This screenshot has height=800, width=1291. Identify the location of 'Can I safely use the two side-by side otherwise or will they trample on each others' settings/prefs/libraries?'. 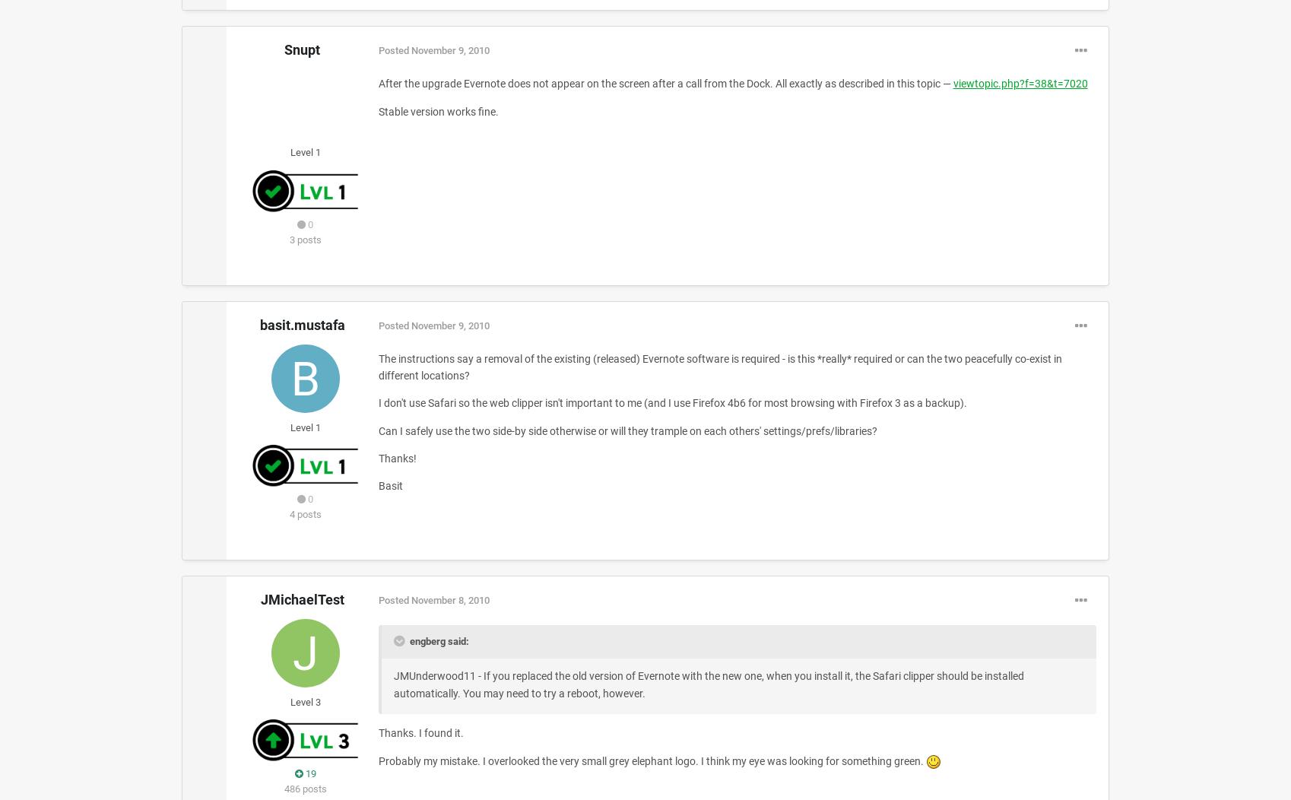
(626, 430).